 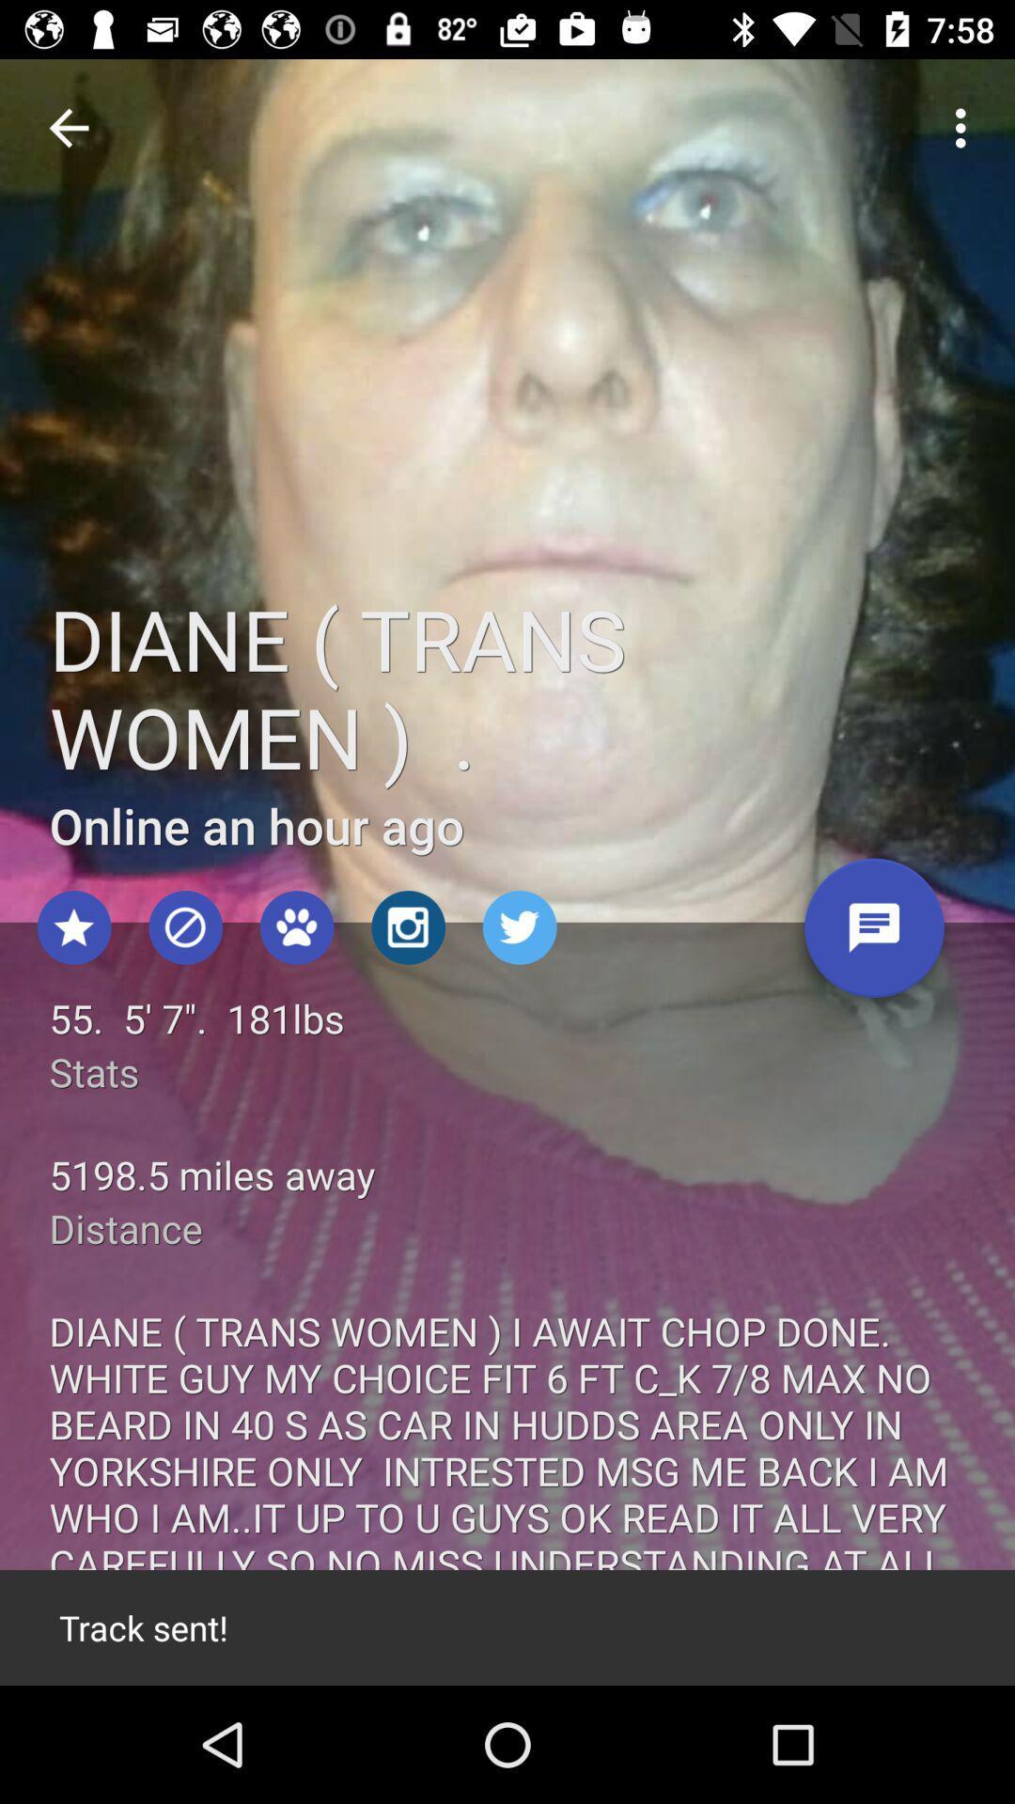 What do you see at coordinates (520, 927) in the screenshot?
I see `the twitter icon` at bounding box center [520, 927].